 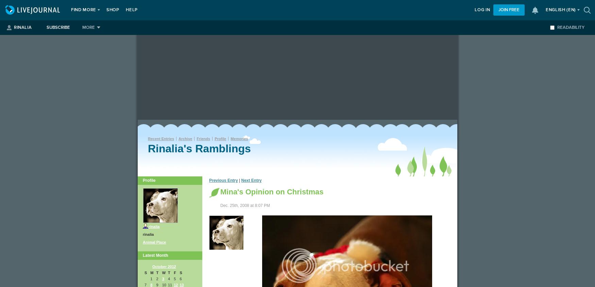 What do you see at coordinates (239, 180) in the screenshot?
I see `'|'` at bounding box center [239, 180].